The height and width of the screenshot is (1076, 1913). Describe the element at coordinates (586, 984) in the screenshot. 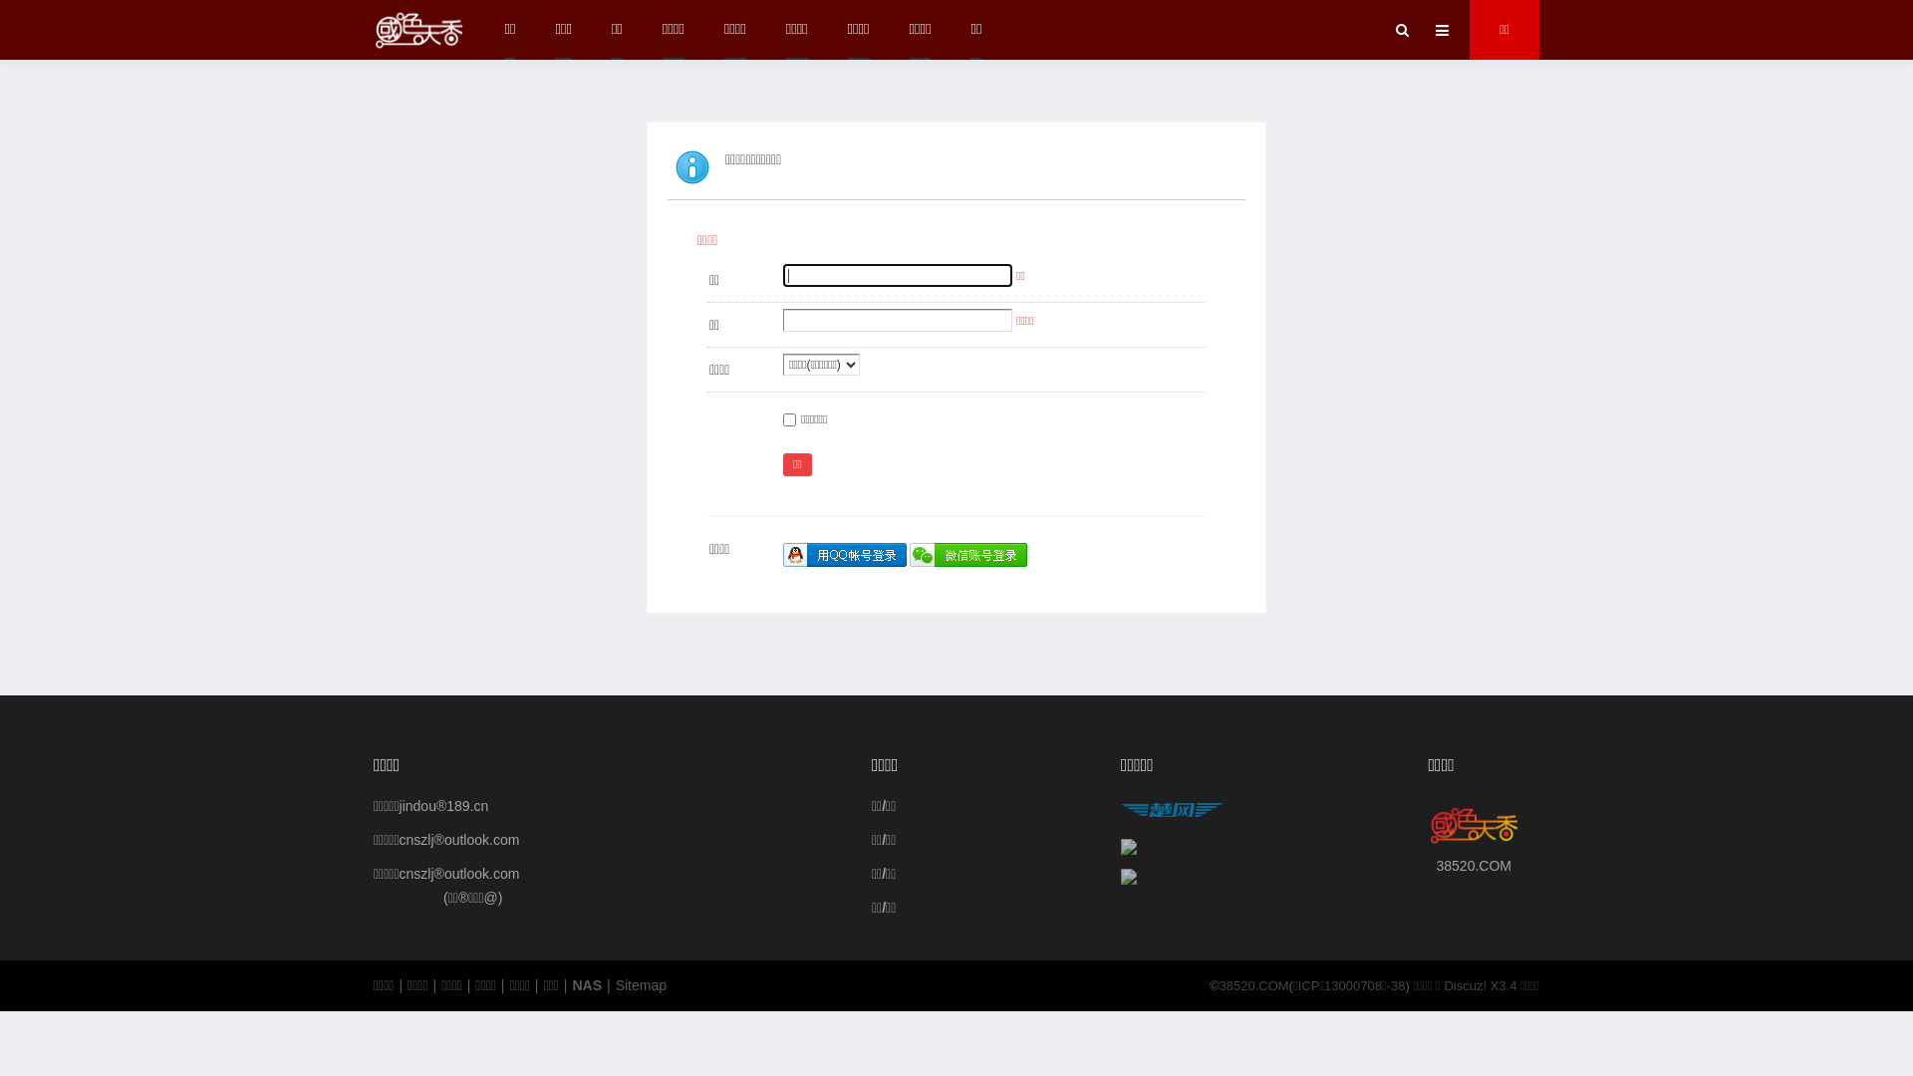

I see `'NAS'` at that location.